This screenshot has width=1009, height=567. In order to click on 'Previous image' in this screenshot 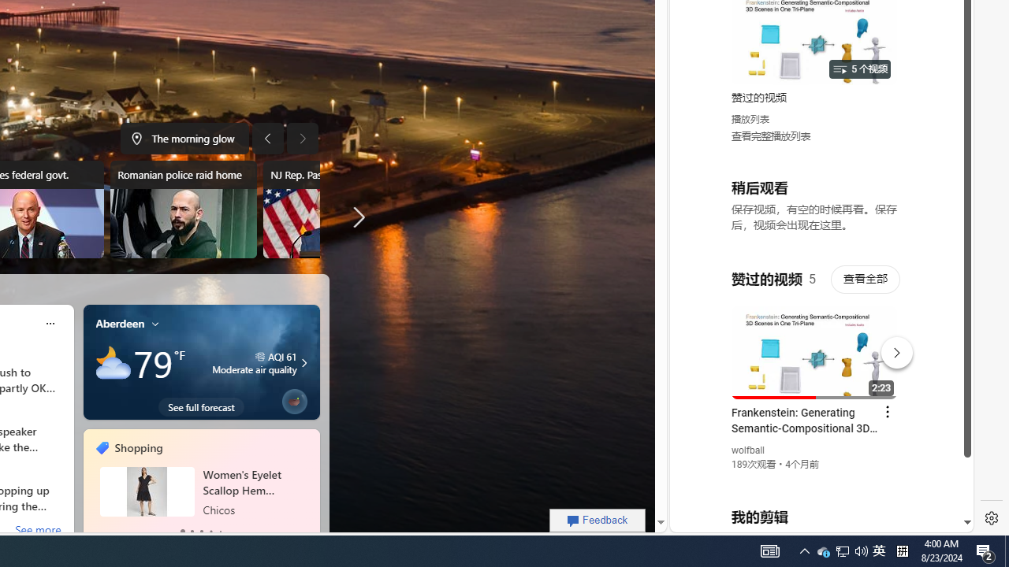, I will do `click(267, 138)`.